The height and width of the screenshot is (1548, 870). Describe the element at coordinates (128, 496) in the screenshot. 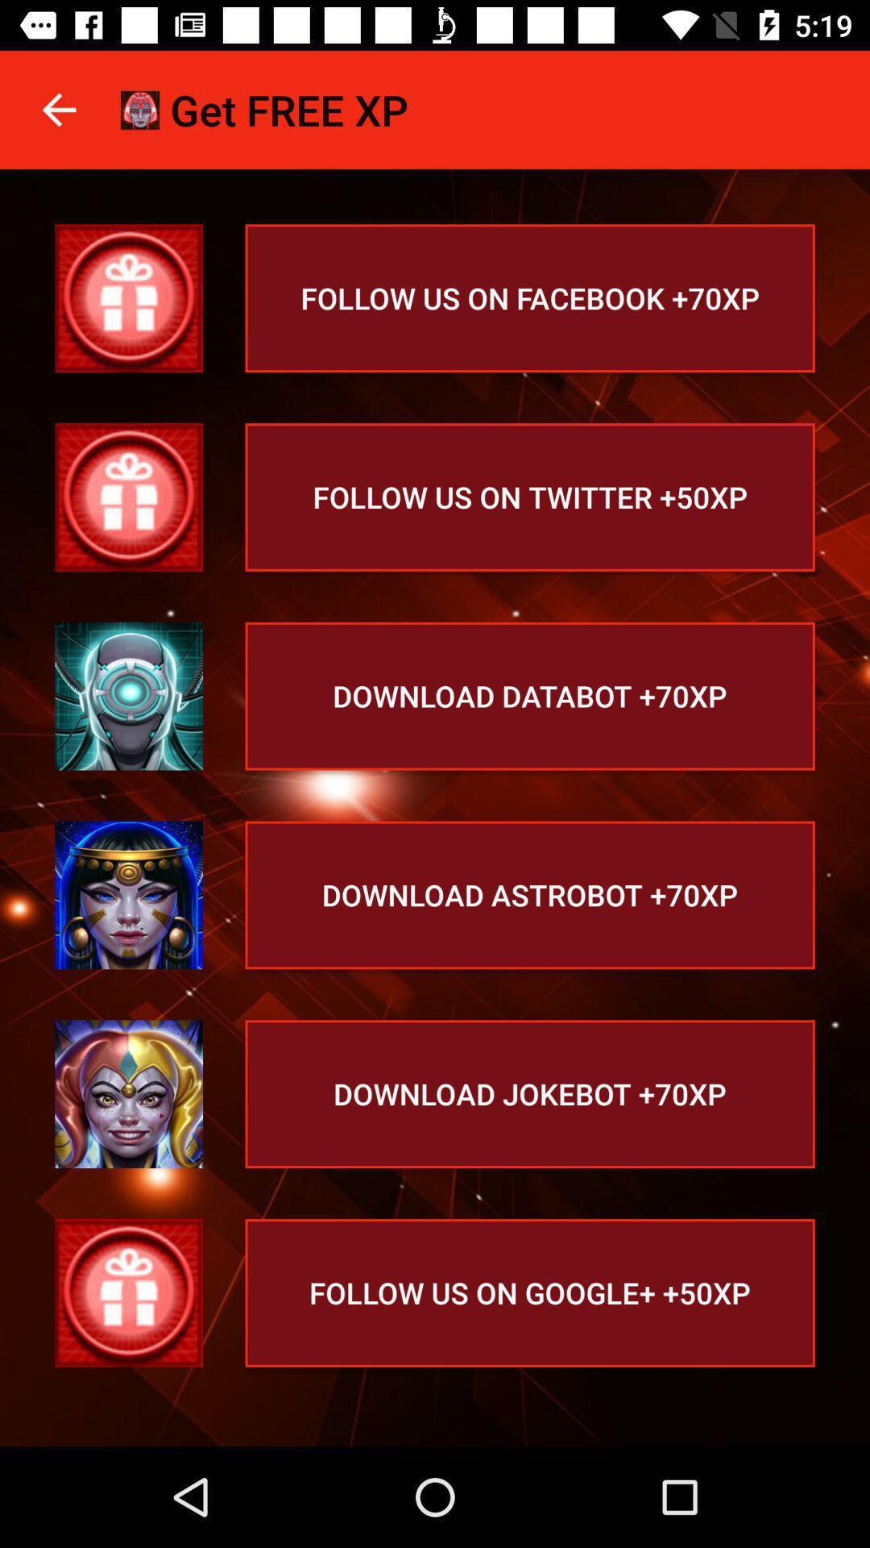

I see `the gift icon` at that location.